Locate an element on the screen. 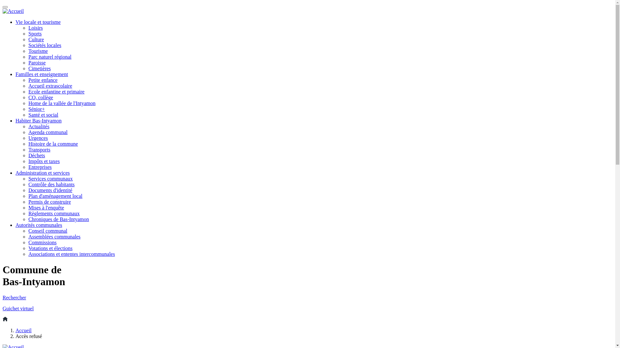  'Permis de construire' is located at coordinates (28, 201).